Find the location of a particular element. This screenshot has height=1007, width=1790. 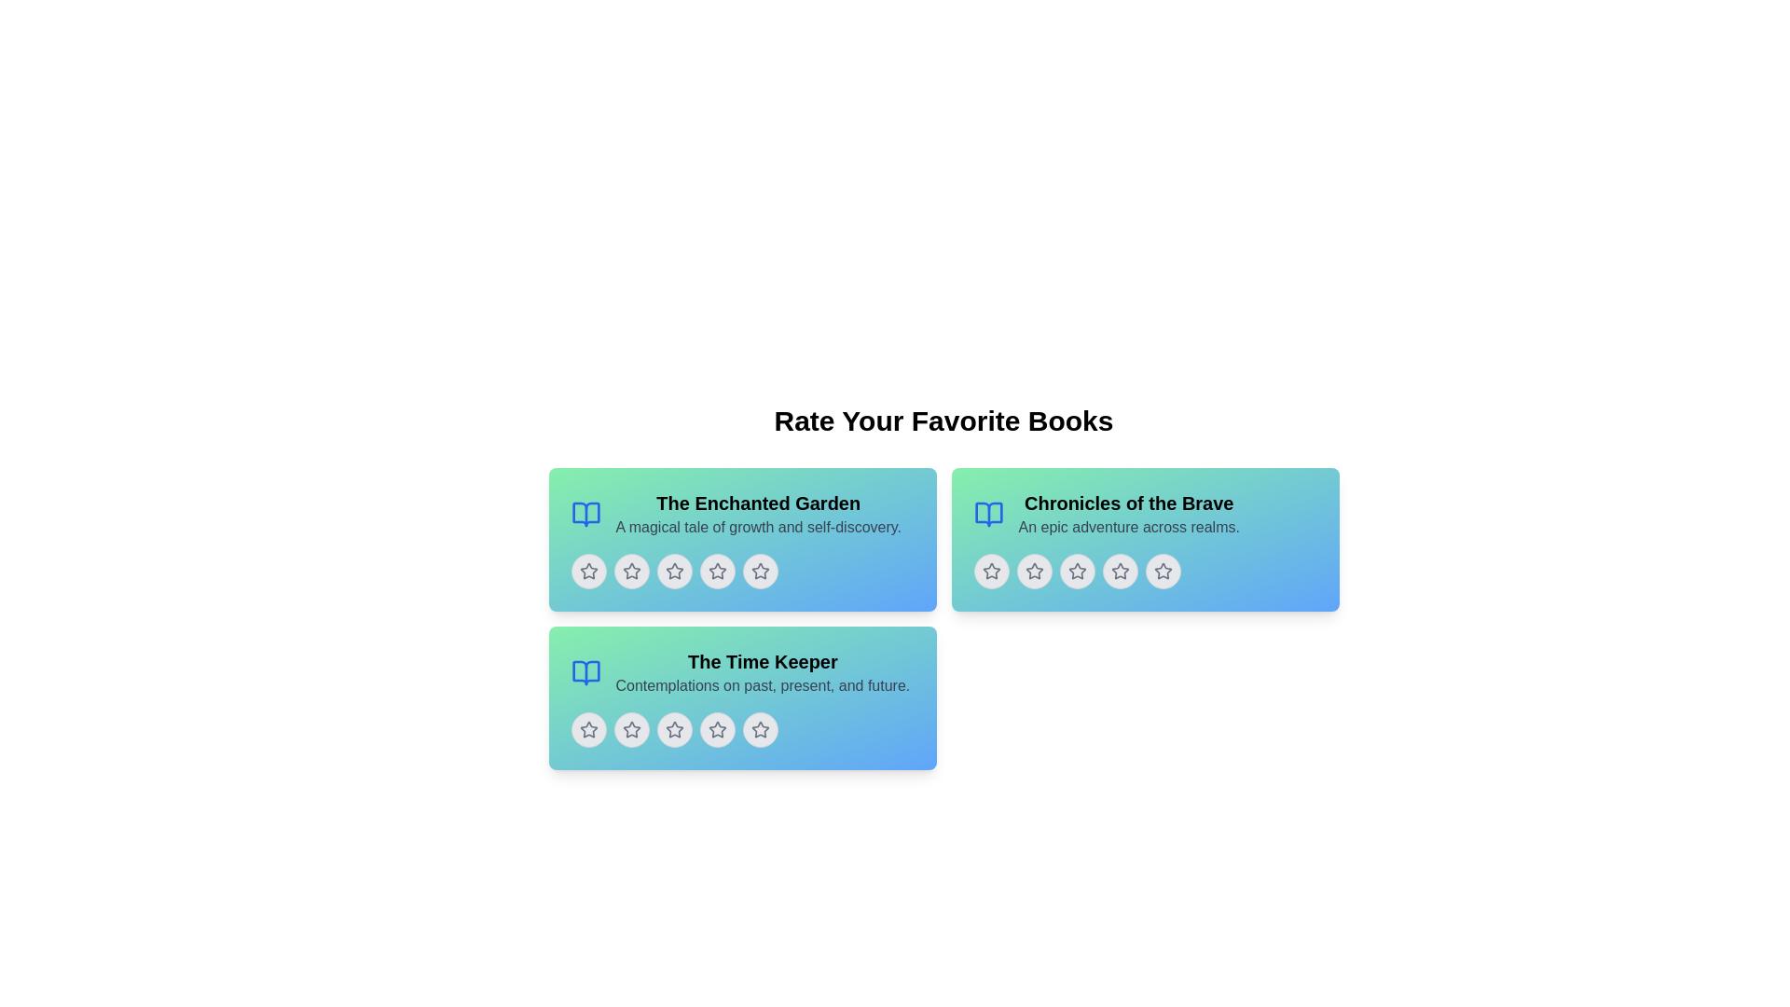

the second star icon in the horizontal row of rating stars below the card labeled 'The Time Keeper' to rate it two stars is located at coordinates (631, 728).